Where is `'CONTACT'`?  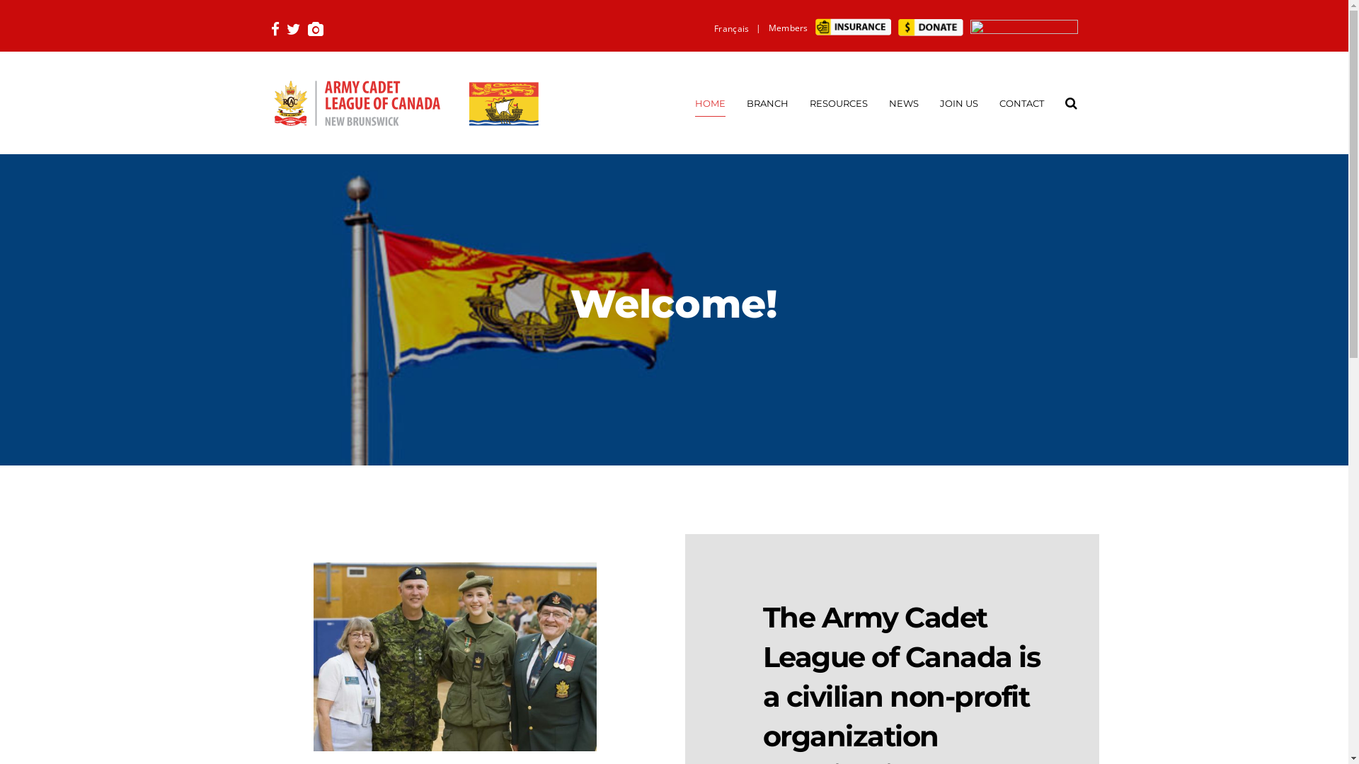
'CONTACT' is located at coordinates (1021, 102).